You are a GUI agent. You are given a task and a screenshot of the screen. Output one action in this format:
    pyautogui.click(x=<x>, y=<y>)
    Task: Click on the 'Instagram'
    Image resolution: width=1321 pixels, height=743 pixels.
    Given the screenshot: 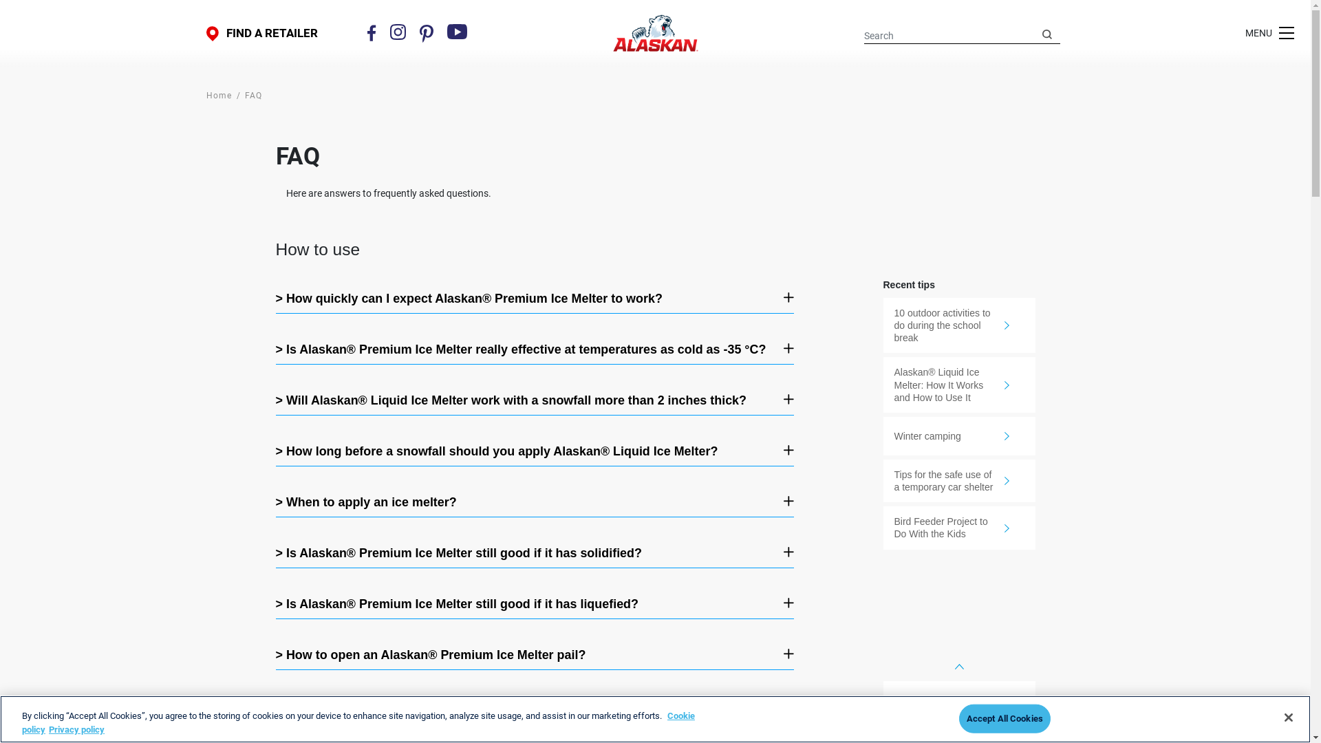 What is the action you would take?
    pyautogui.click(x=389, y=31)
    